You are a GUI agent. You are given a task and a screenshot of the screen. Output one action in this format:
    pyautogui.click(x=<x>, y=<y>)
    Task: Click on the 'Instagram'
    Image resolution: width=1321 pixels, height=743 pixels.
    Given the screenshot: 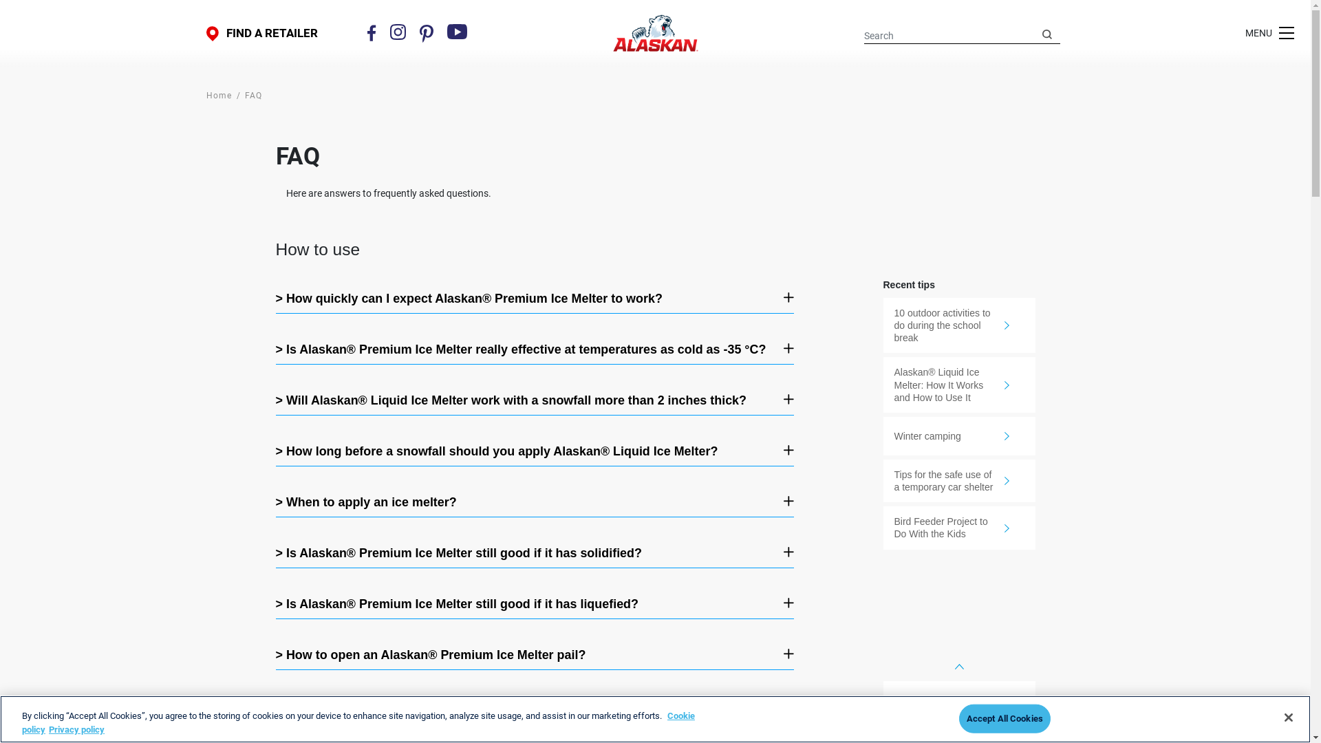 What is the action you would take?
    pyautogui.click(x=389, y=31)
    